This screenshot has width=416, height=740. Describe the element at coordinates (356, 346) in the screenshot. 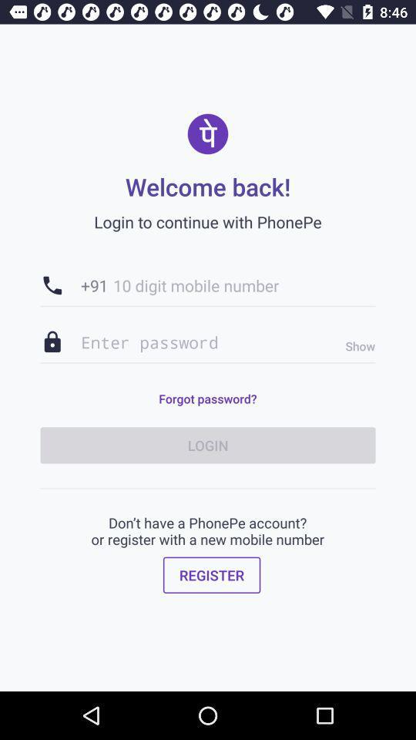

I see `item above login item` at that location.